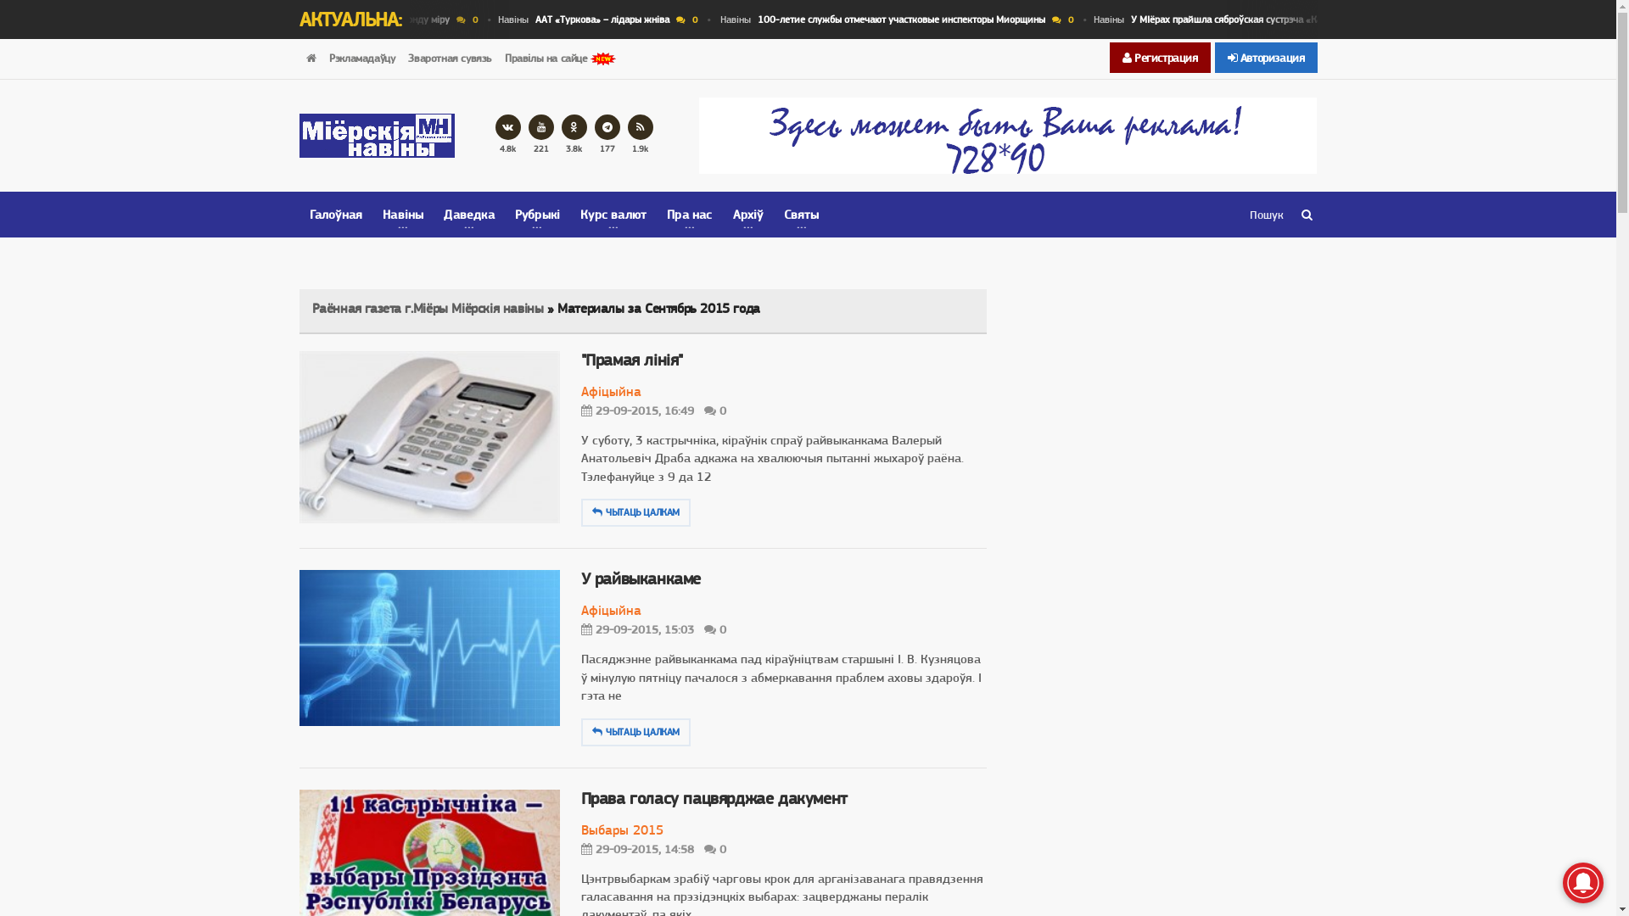 This screenshot has height=916, width=1629. I want to click on '221', so click(528, 133).